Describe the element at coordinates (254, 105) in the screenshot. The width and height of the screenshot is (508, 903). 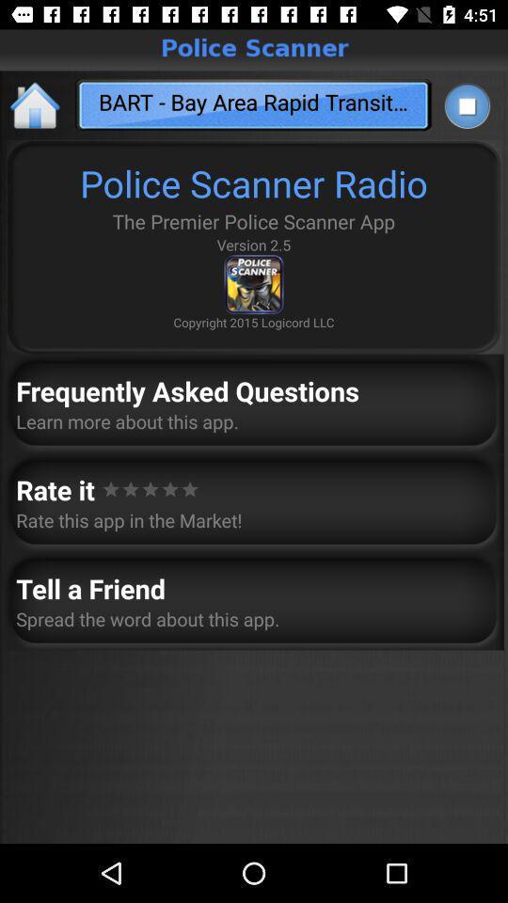
I see `the text below the police scanner` at that location.